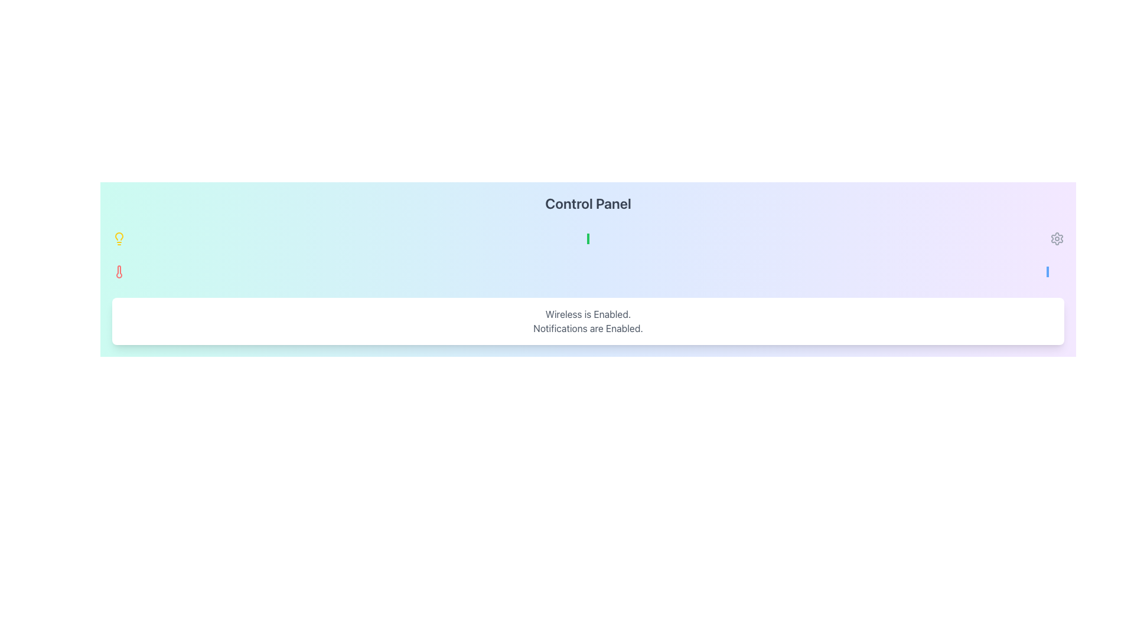 Image resolution: width=1134 pixels, height=637 pixels. What do you see at coordinates (1057, 239) in the screenshot?
I see `the gear-shaped icon located at the far right end of the control bar` at bounding box center [1057, 239].